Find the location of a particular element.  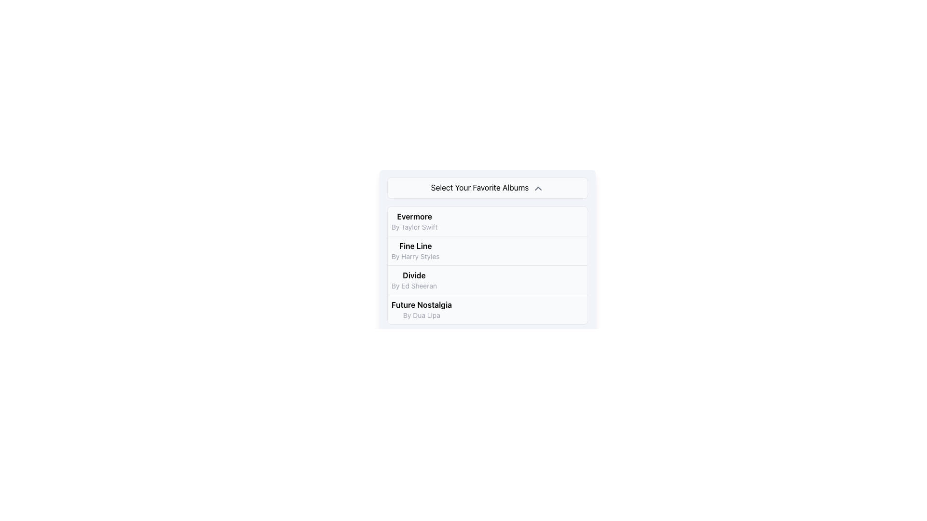

the text label displaying the author's name 'Dua Lipa' for the album 'Future Nostalgia', located beneath the title in the list is located at coordinates (421, 315).